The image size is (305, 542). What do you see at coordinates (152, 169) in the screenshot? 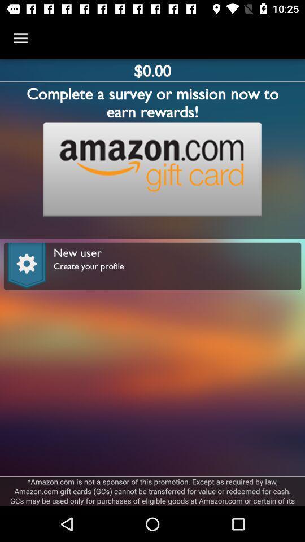
I see `hyperlink button` at bounding box center [152, 169].